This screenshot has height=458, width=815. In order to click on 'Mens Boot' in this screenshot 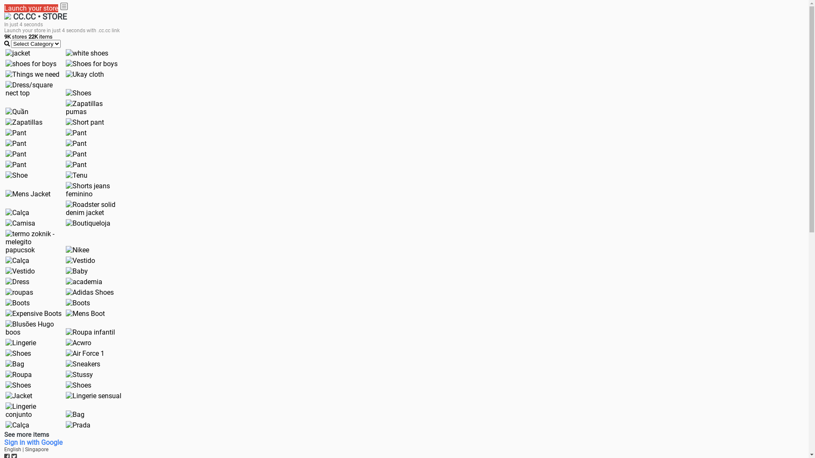, I will do `click(85, 313)`.